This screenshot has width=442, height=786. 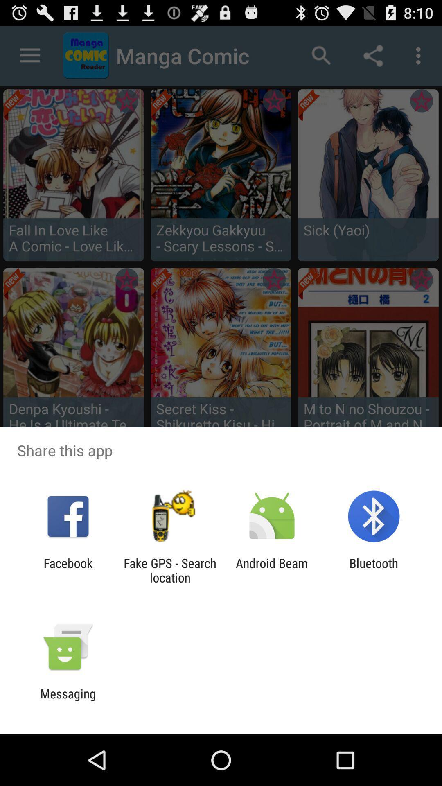 What do you see at coordinates (374, 570) in the screenshot?
I see `the icon at the bottom right corner` at bounding box center [374, 570].